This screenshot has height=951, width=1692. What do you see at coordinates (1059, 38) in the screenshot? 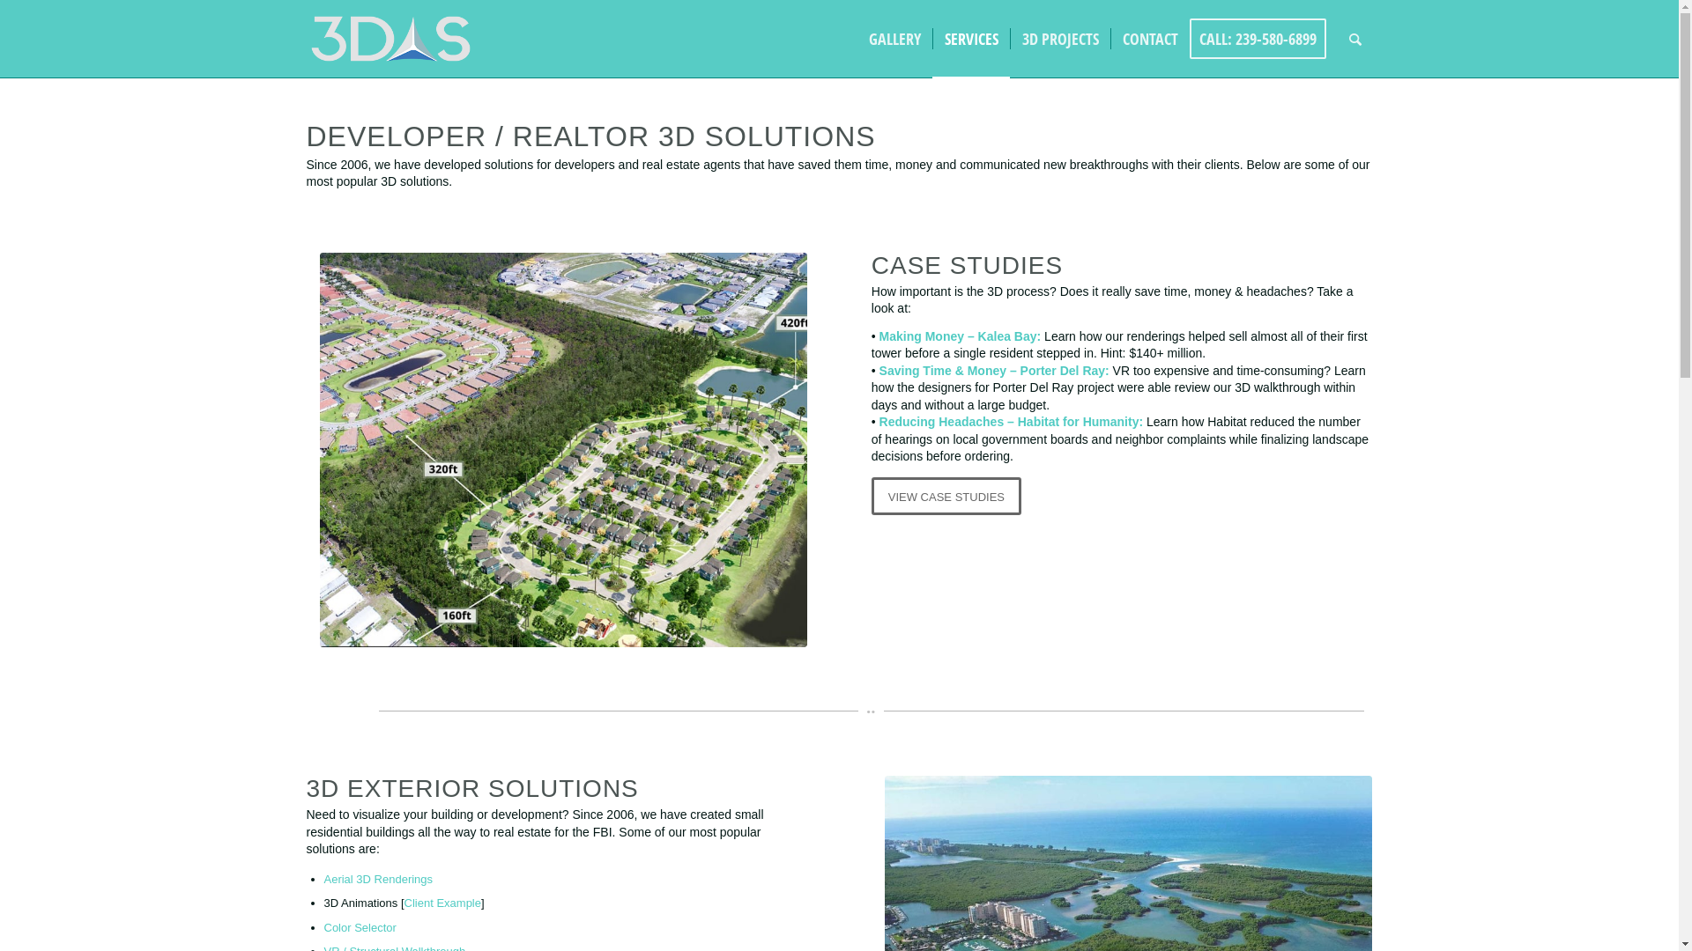
I see `'3D PROJECTS'` at bounding box center [1059, 38].